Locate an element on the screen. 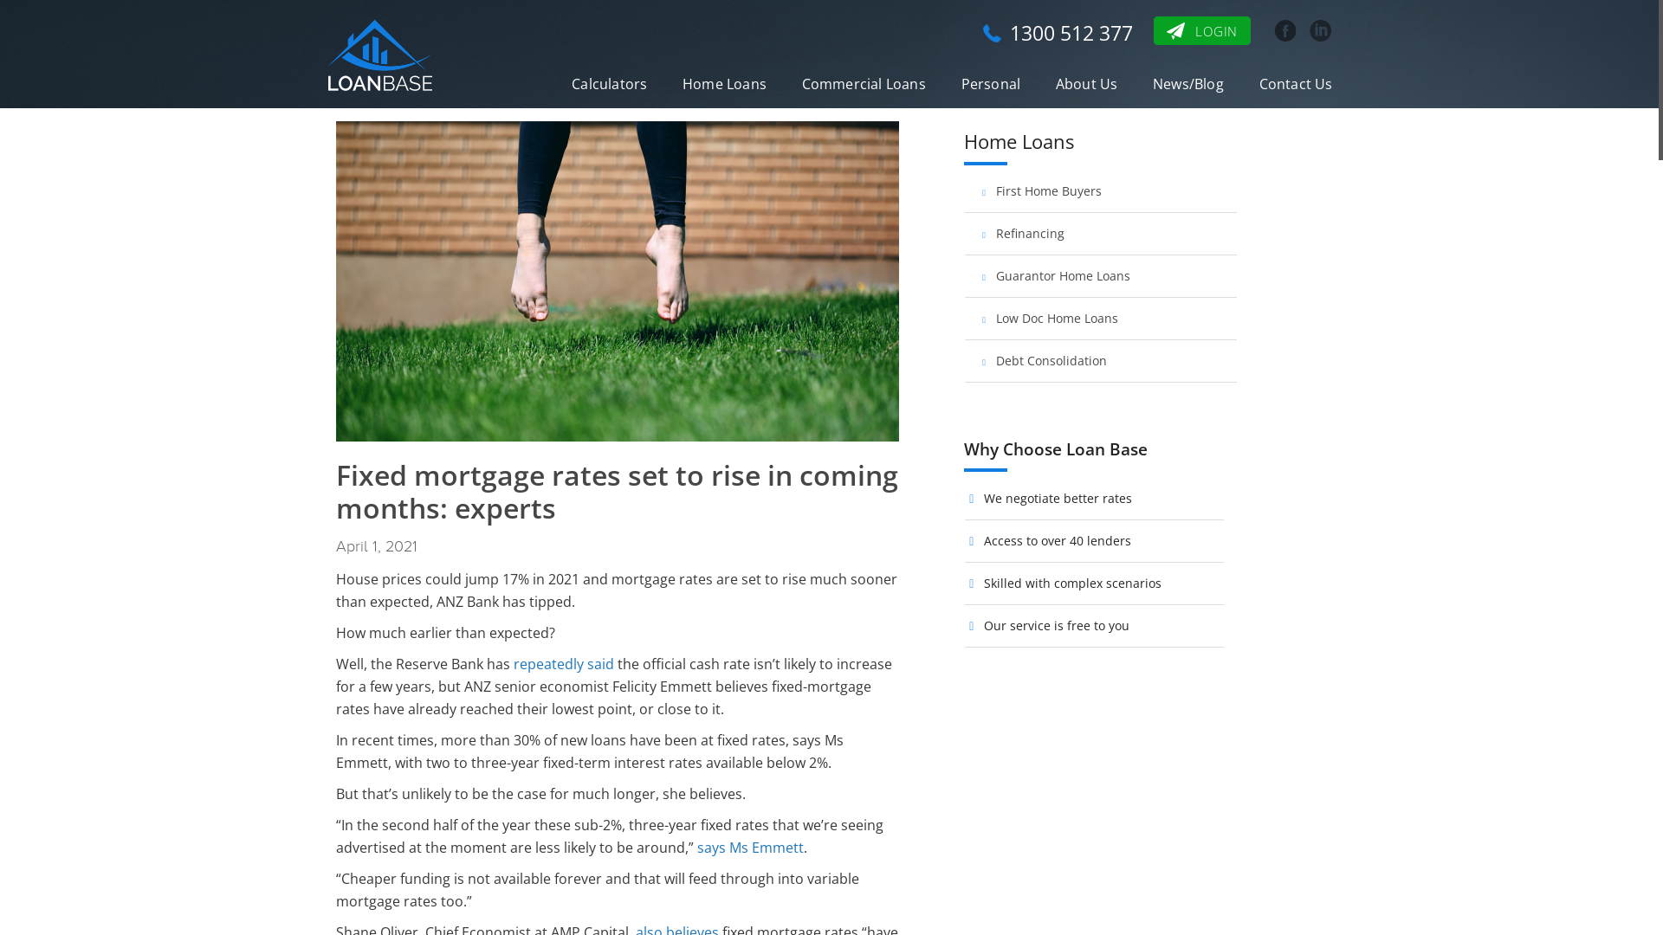 The image size is (1663, 935). 'Refinancing' is located at coordinates (1099, 234).